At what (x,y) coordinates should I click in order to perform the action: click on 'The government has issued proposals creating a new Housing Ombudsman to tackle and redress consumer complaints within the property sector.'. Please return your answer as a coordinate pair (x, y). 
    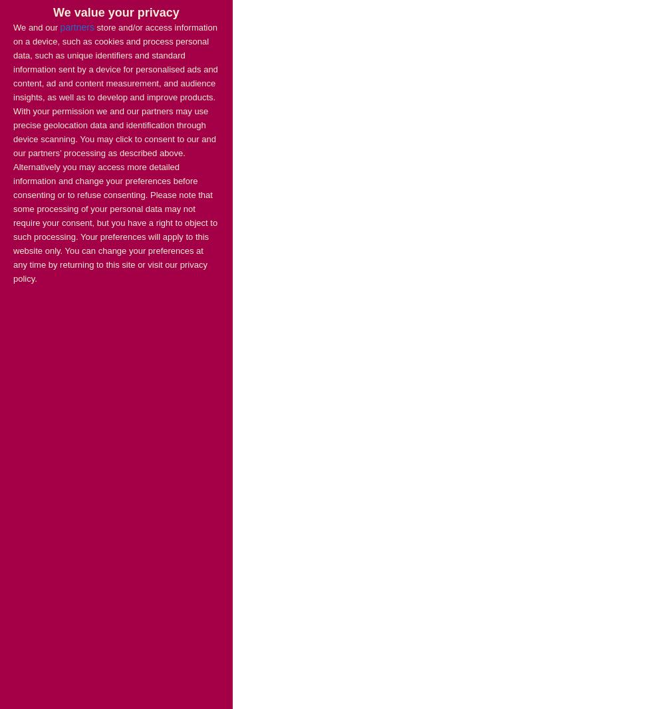
    Looking at the image, I should click on (113, 403).